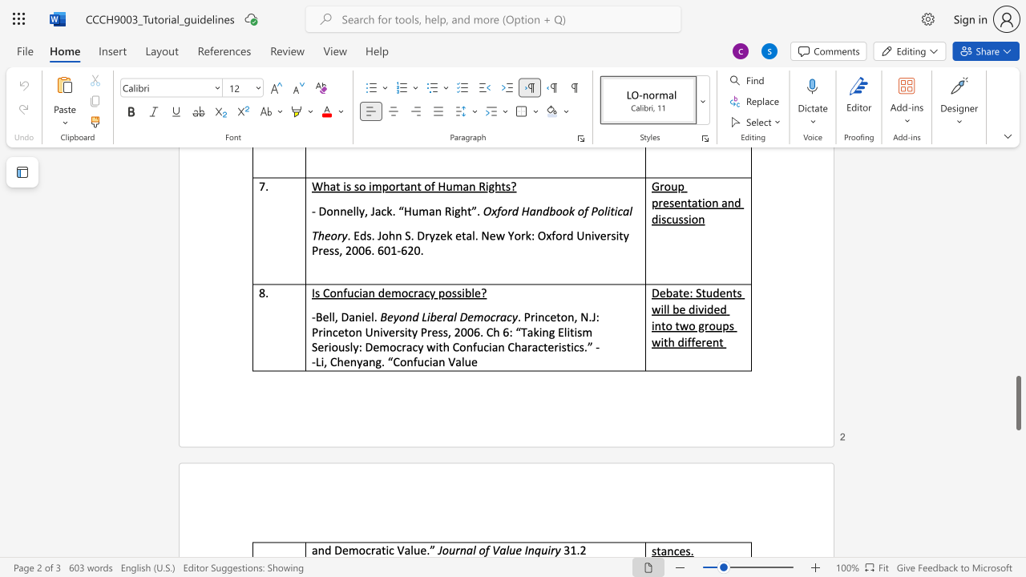 The height and width of the screenshot is (577, 1026). I want to click on the scrollbar to scroll the page up, so click(1017, 240).